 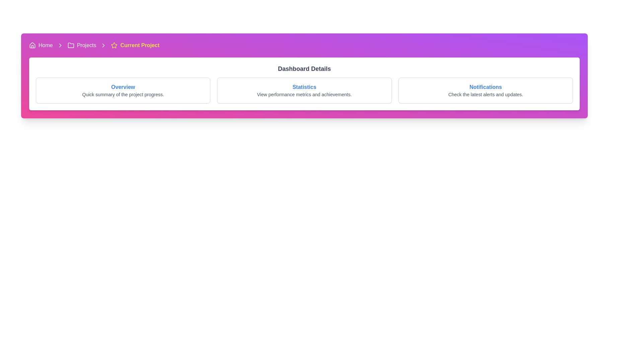 I want to click on the 'Current Project' label in the breadcrumb navigation bar, which is bold and yellow with a star-shaped icon preceding it, so click(x=135, y=45).